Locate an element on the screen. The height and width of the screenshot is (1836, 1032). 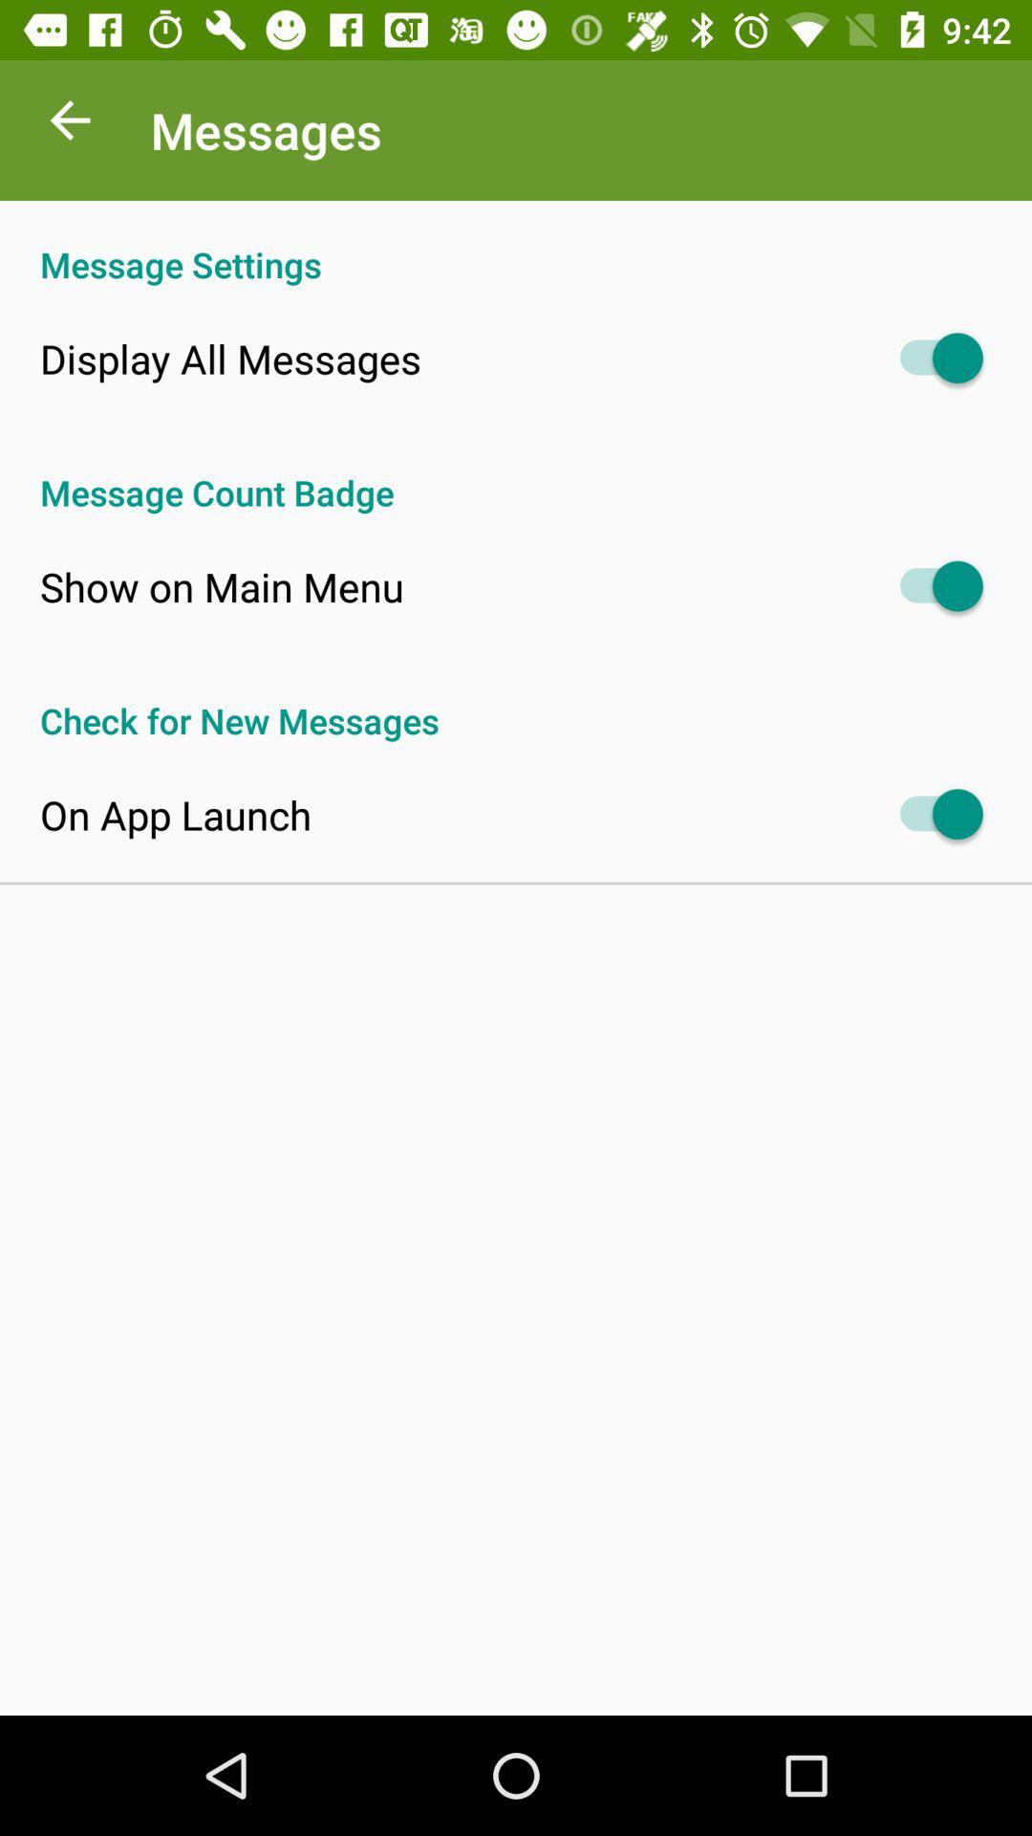
the display all messages app is located at coordinates (229, 358).